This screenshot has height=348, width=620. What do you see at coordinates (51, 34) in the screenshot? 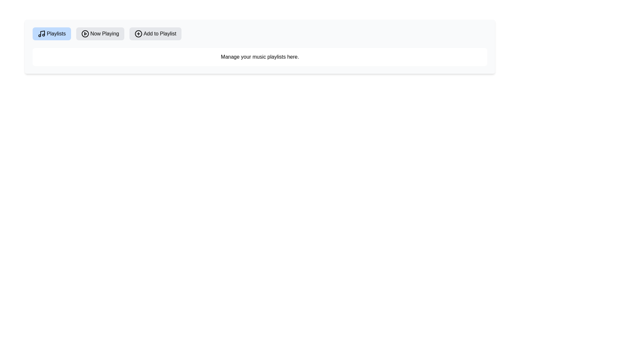
I see `the tab labeled Playlists` at bounding box center [51, 34].